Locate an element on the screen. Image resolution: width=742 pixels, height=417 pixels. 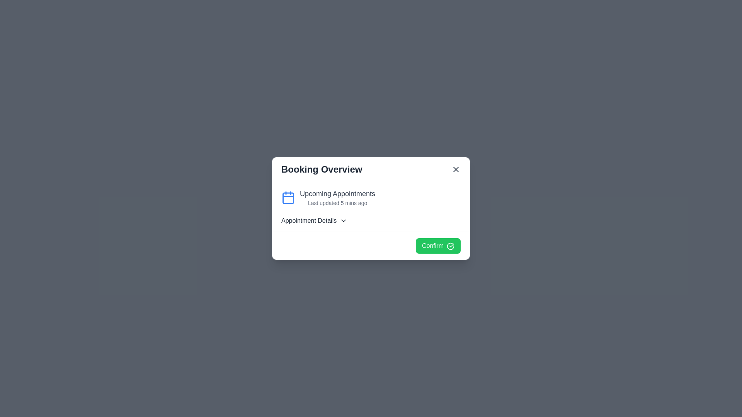
the confirmation icon located to the right of the 'Confirm' button's text, which visually reinforces the confirmation action is located at coordinates (451, 246).